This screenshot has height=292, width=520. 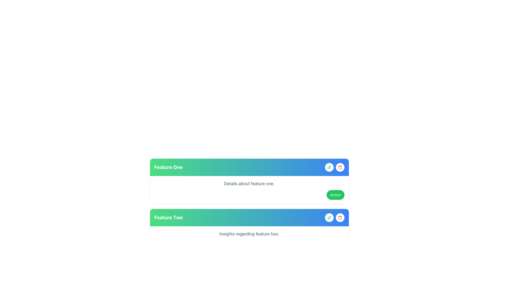 I want to click on the edit button located on the right side of the blue gradient header in the 'Feature Two' section to initiate editing, so click(x=334, y=217).